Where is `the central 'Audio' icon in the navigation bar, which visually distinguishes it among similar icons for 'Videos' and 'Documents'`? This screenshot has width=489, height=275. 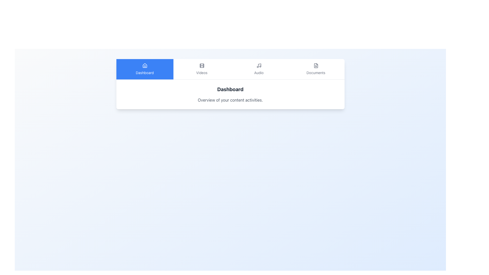
the central 'Audio' icon in the navigation bar, which visually distinguishes it among similar icons for 'Videos' and 'Documents' is located at coordinates (259, 65).